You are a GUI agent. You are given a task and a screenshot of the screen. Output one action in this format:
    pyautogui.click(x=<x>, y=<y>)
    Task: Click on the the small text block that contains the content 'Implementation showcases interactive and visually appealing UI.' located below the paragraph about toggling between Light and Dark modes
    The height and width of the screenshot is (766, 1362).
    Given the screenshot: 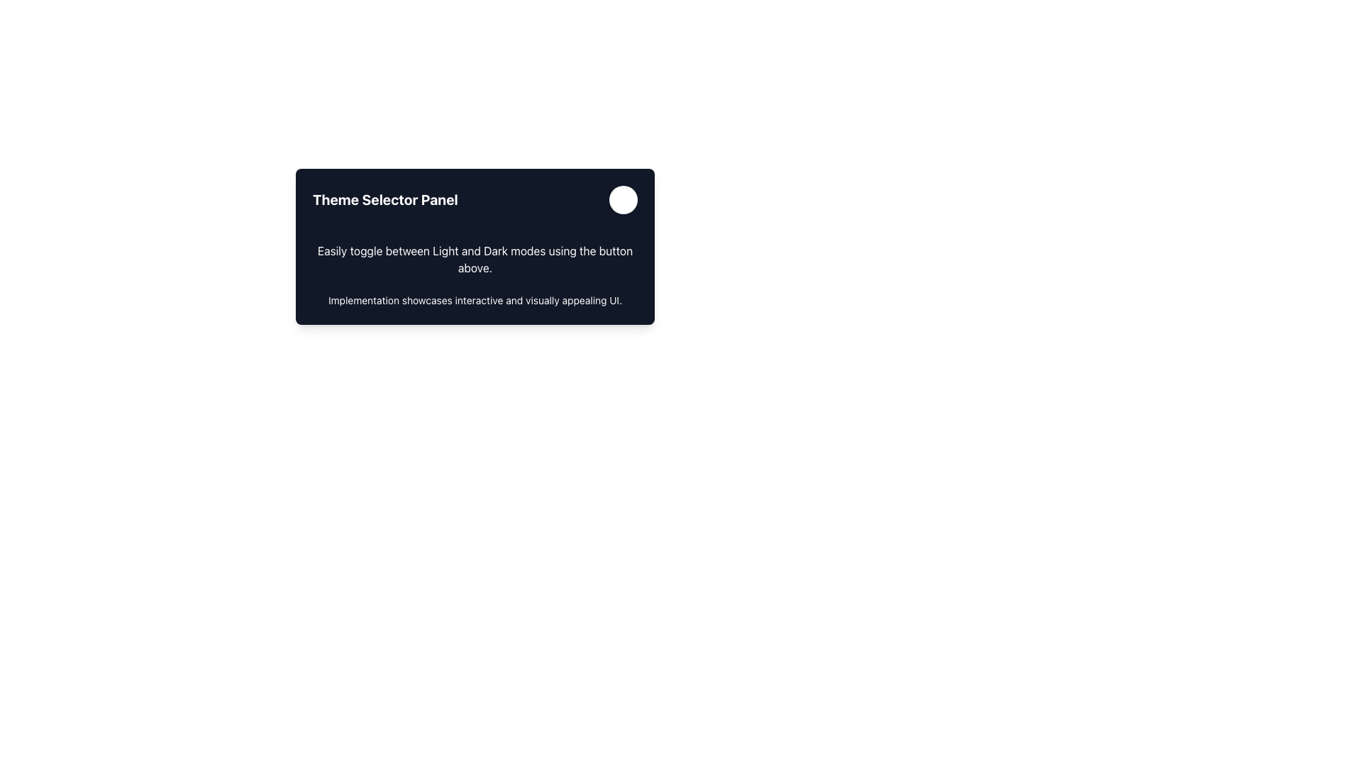 What is the action you would take?
    pyautogui.click(x=475, y=300)
    